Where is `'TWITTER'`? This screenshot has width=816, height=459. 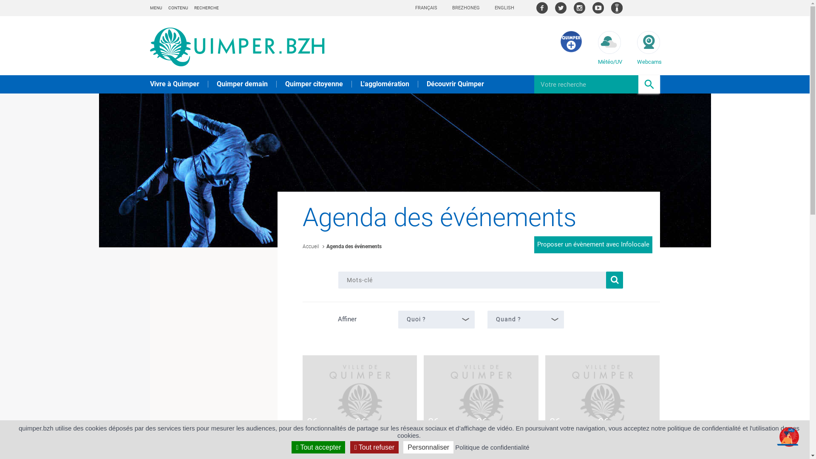
'TWITTER' is located at coordinates (561, 8).